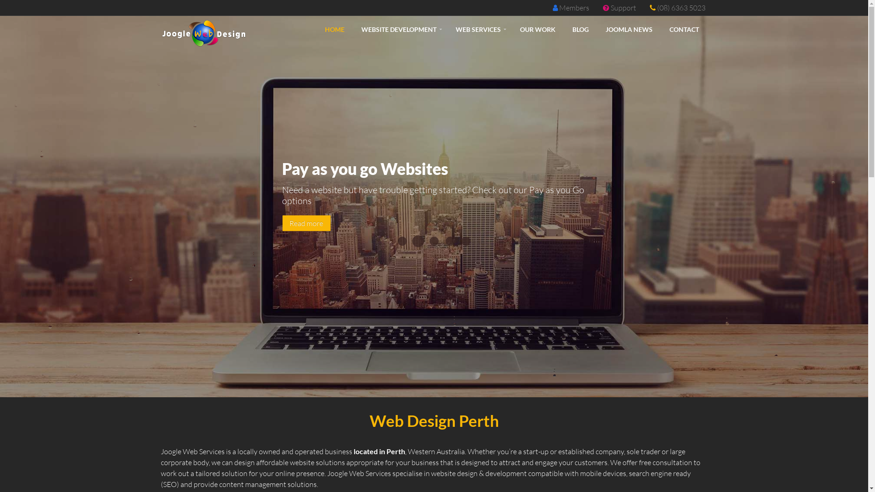  Describe the element at coordinates (448, 29) in the screenshot. I see `'WEB SERVICES'` at that location.